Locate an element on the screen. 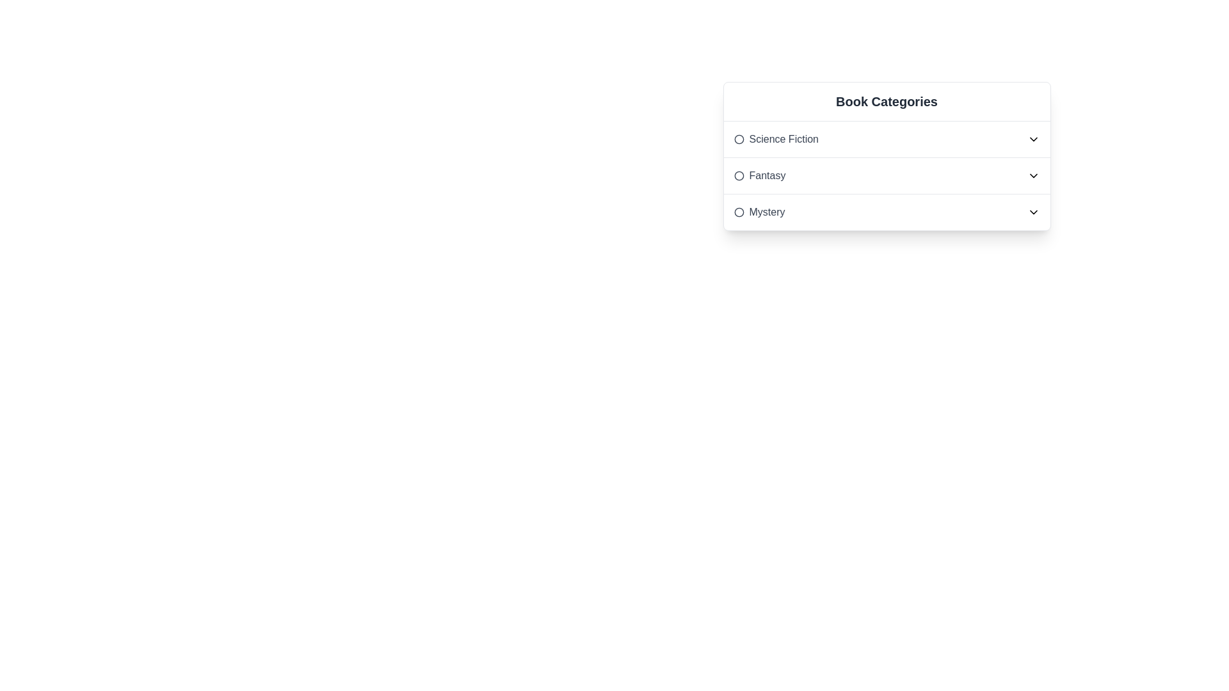 This screenshot has height=691, width=1229. the static text label 'Mystery' which is styled in medium font weight and displayed in gray, located in the list of book categories next to a checkbox icon is located at coordinates (759, 211).